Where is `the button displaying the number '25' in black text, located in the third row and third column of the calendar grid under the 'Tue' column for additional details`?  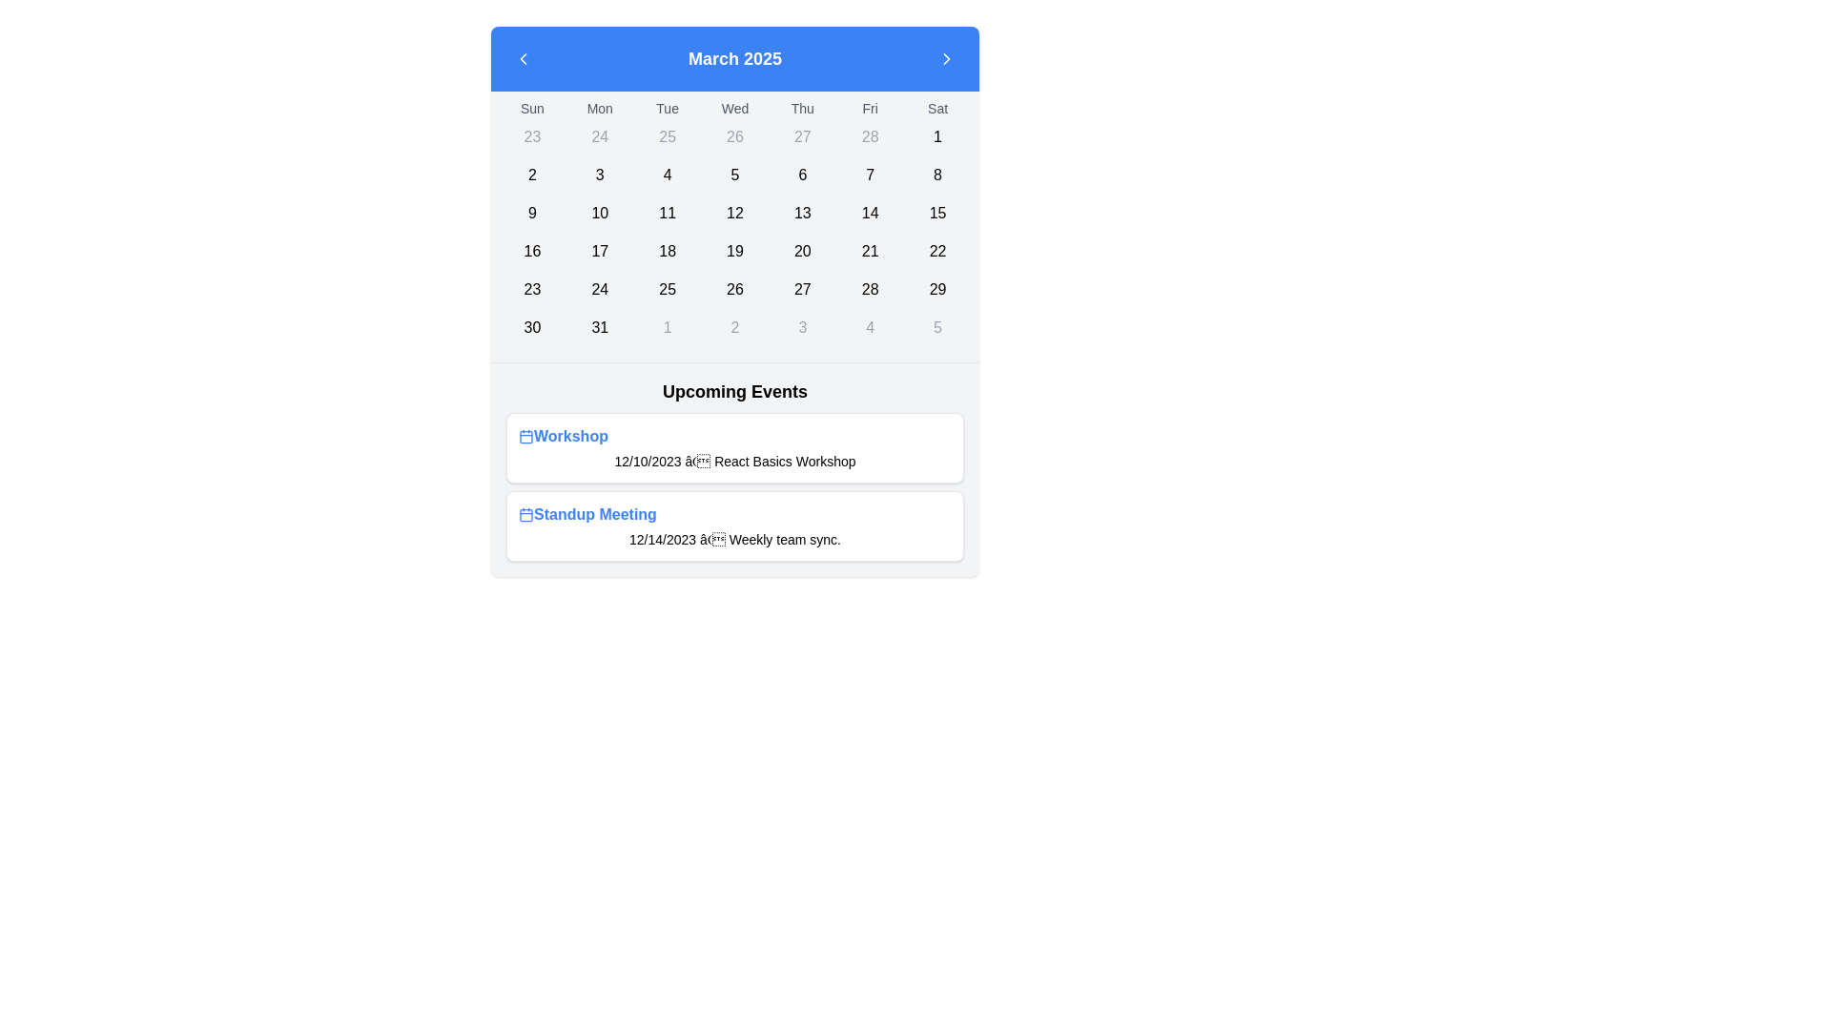
the button displaying the number '25' in black text, located in the third row and third column of the calendar grid under the 'Tue' column for additional details is located at coordinates (668, 290).